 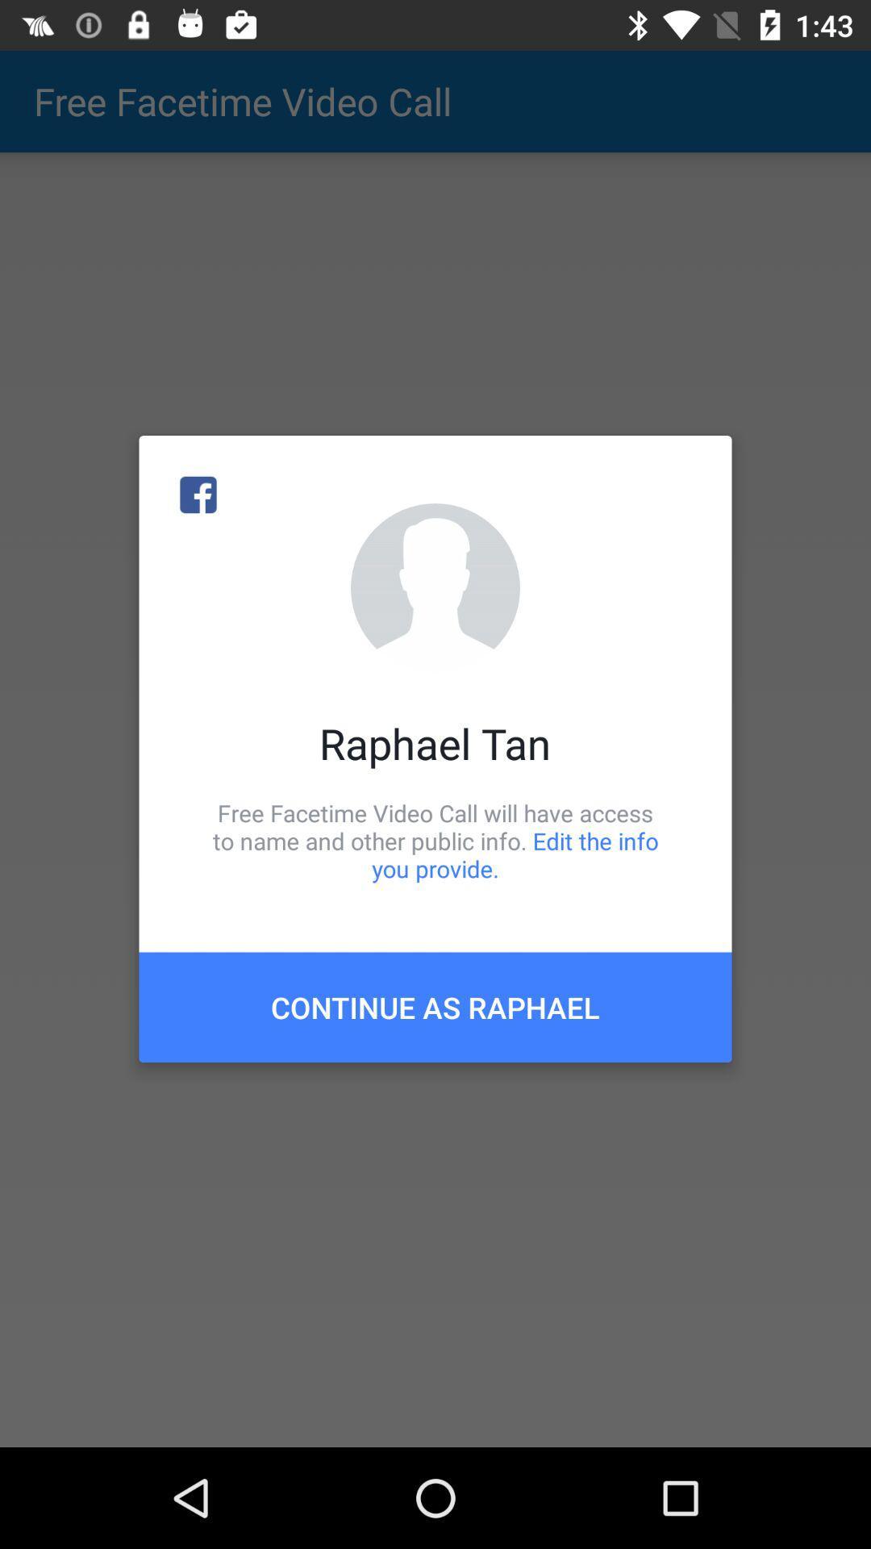 I want to click on the item below raphael tan, so click(x=435, y=840).